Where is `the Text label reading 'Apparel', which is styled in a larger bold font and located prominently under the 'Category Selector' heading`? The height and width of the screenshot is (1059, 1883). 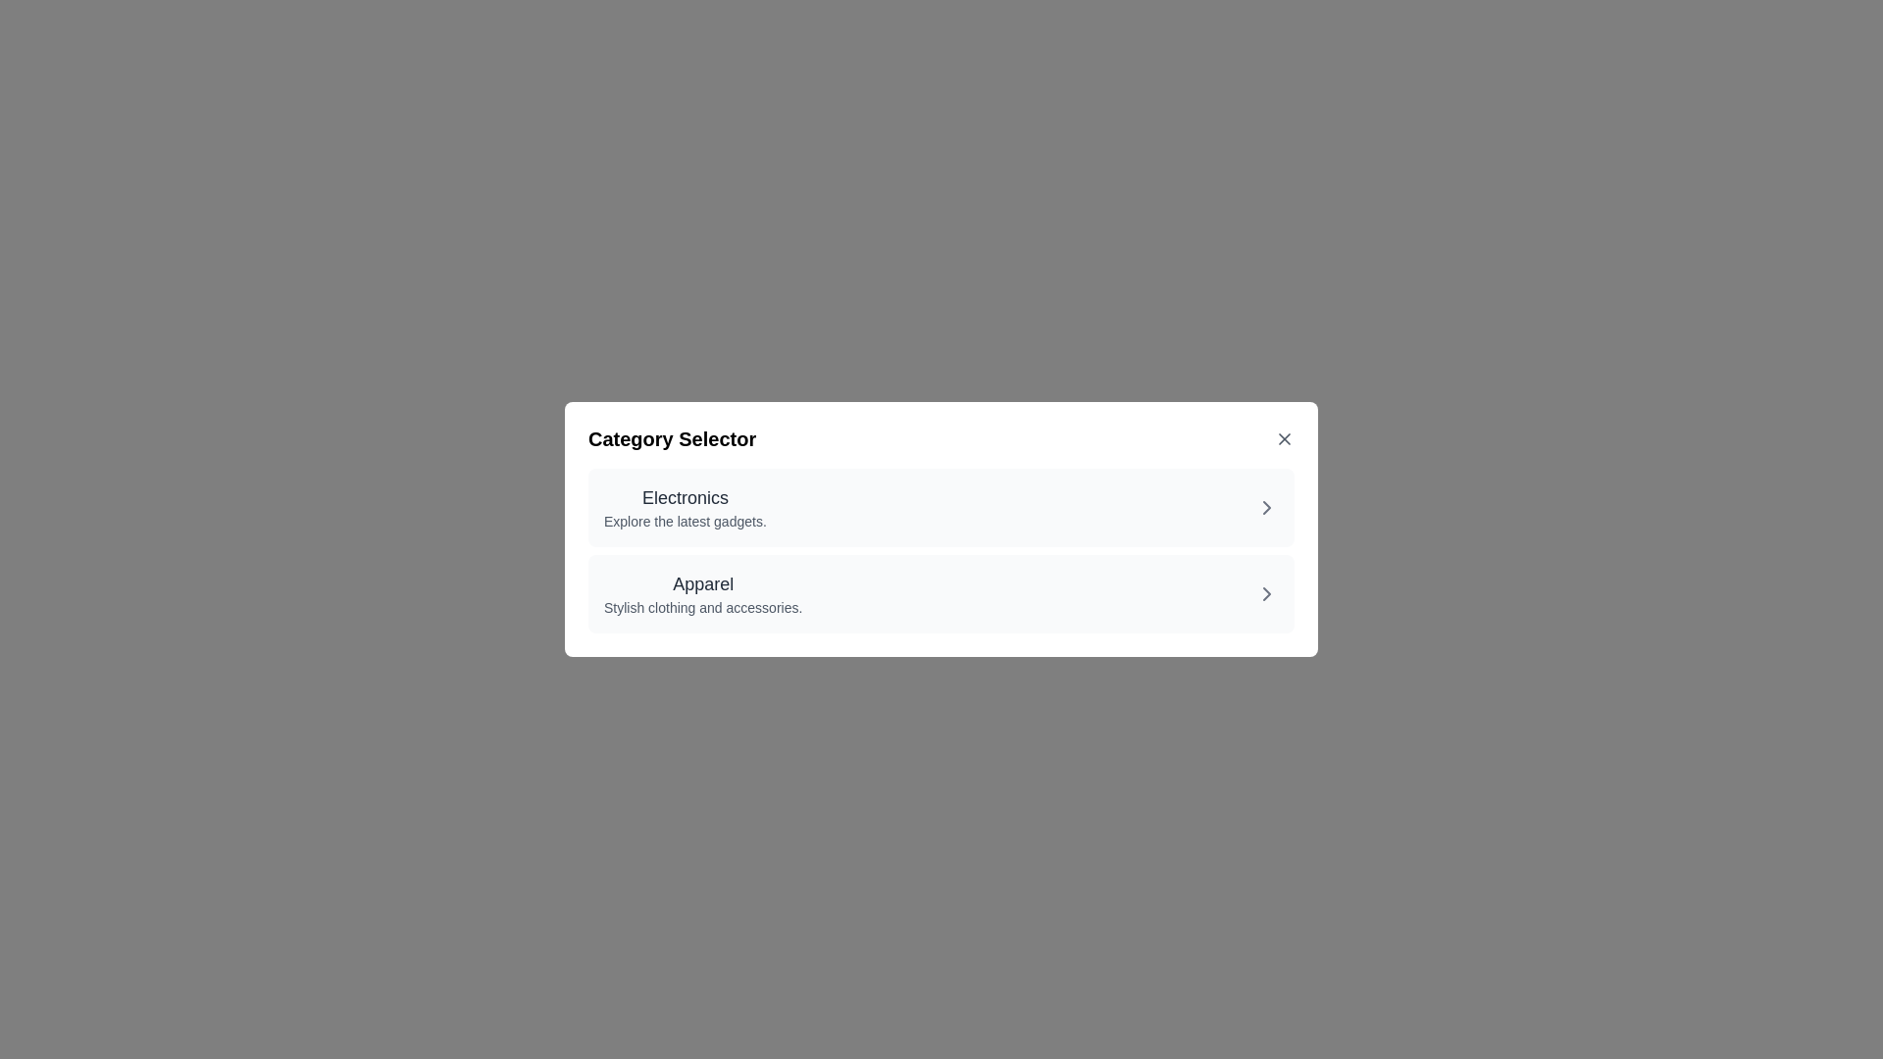 the Text label reading 'Apparel', which is styled in a larger bold font and located prominently under the 'Category Selector' heading is located at coordinates (703, 583).